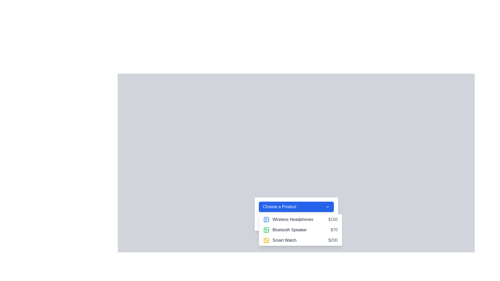  What do you see at coordinates (266, 240) in the screenshot?
I see `the visual icon located at the end of the dropdown menu next to the 'Smart Watch $200' text` at bounding box center [266, 240].